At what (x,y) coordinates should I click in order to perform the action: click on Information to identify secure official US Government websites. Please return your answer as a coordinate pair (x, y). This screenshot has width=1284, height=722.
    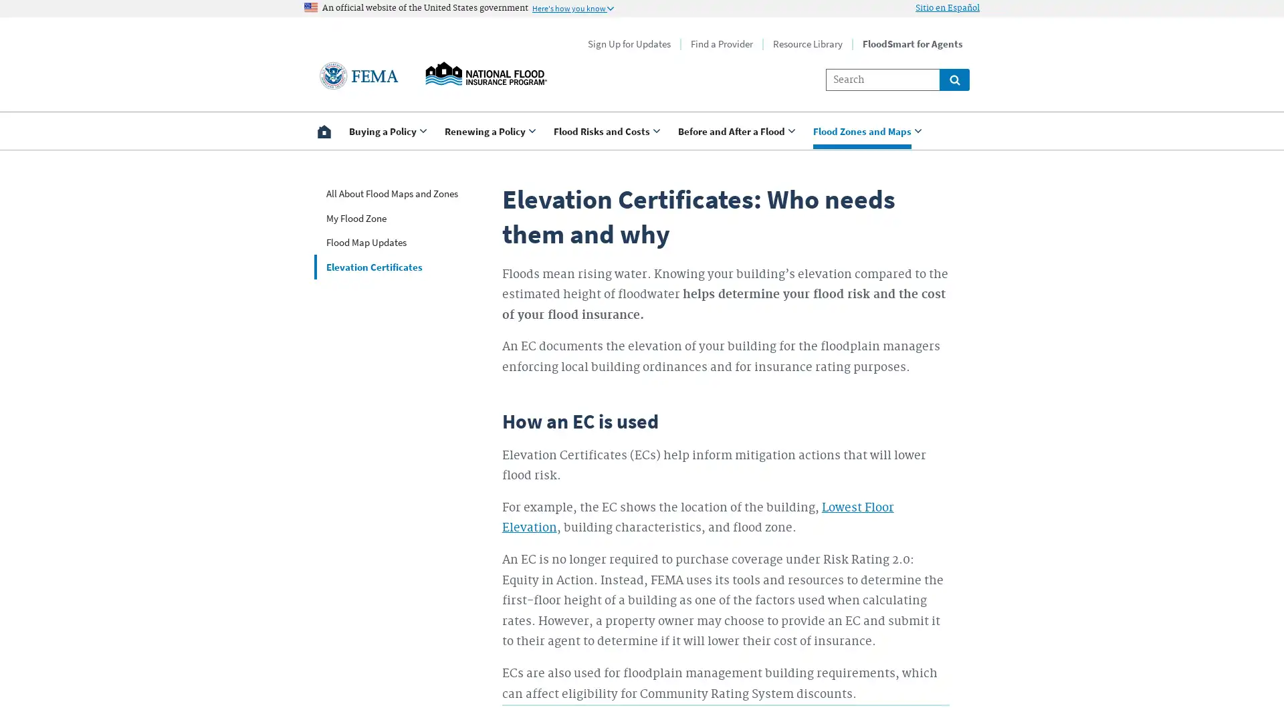
    Looking at the image, I should click on (573, 7).